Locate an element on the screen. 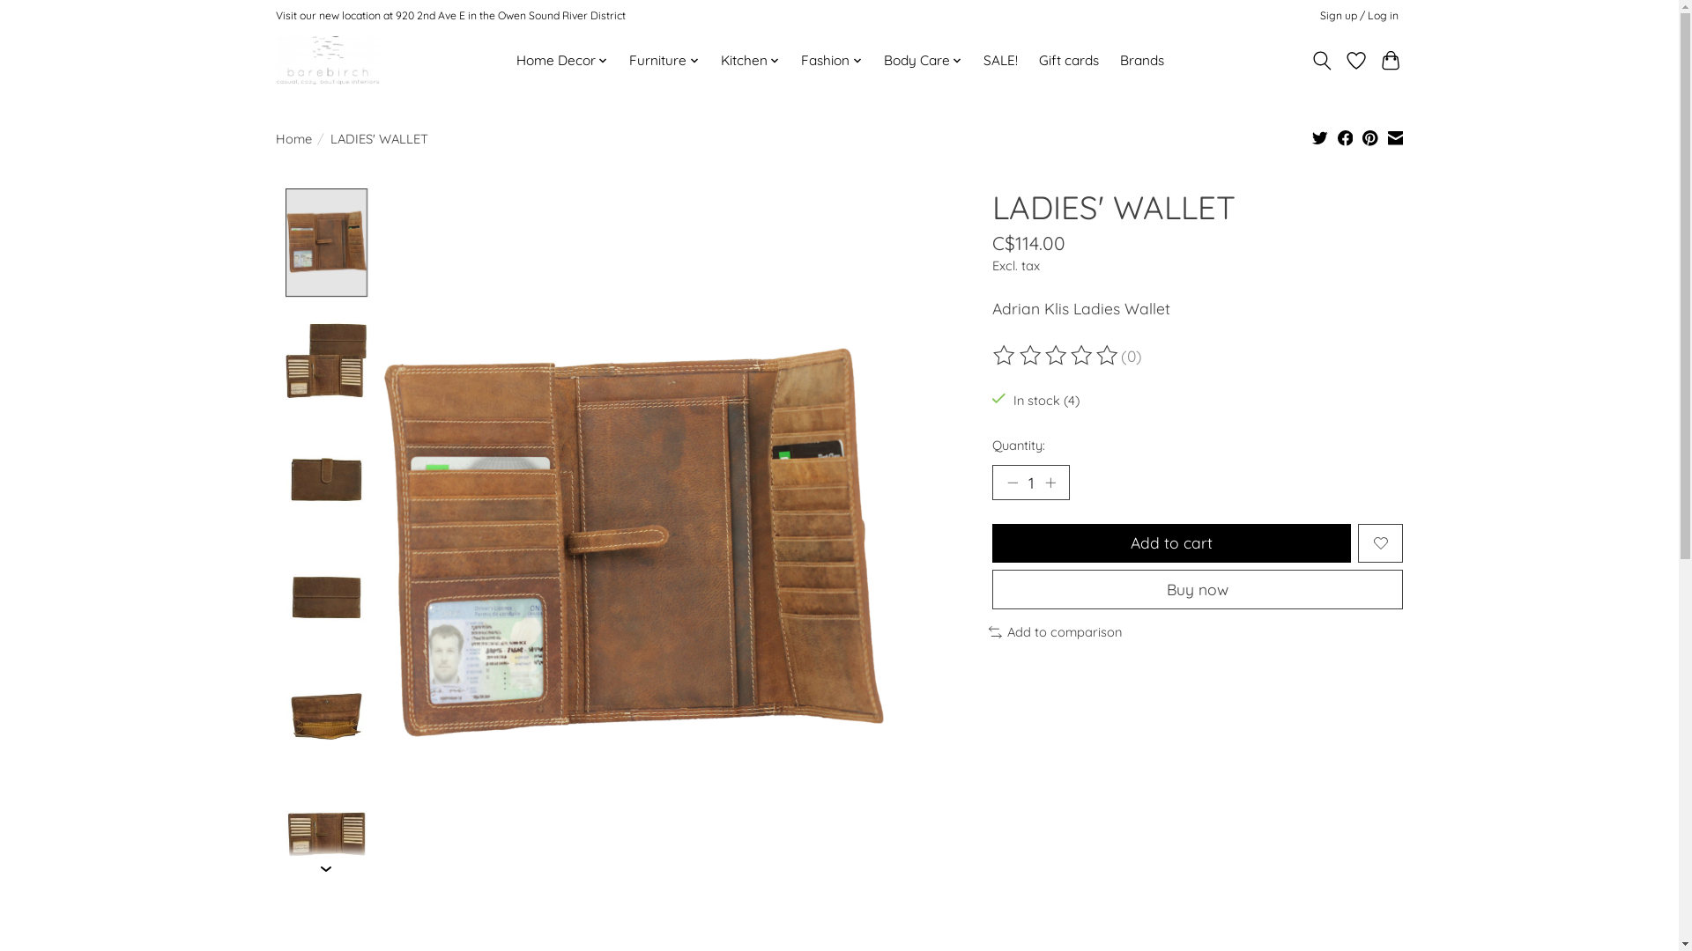 Image resolution: width=1692 pixels, height=951 pixels. 'Gift cards' is located at coordinates (1068, 59).